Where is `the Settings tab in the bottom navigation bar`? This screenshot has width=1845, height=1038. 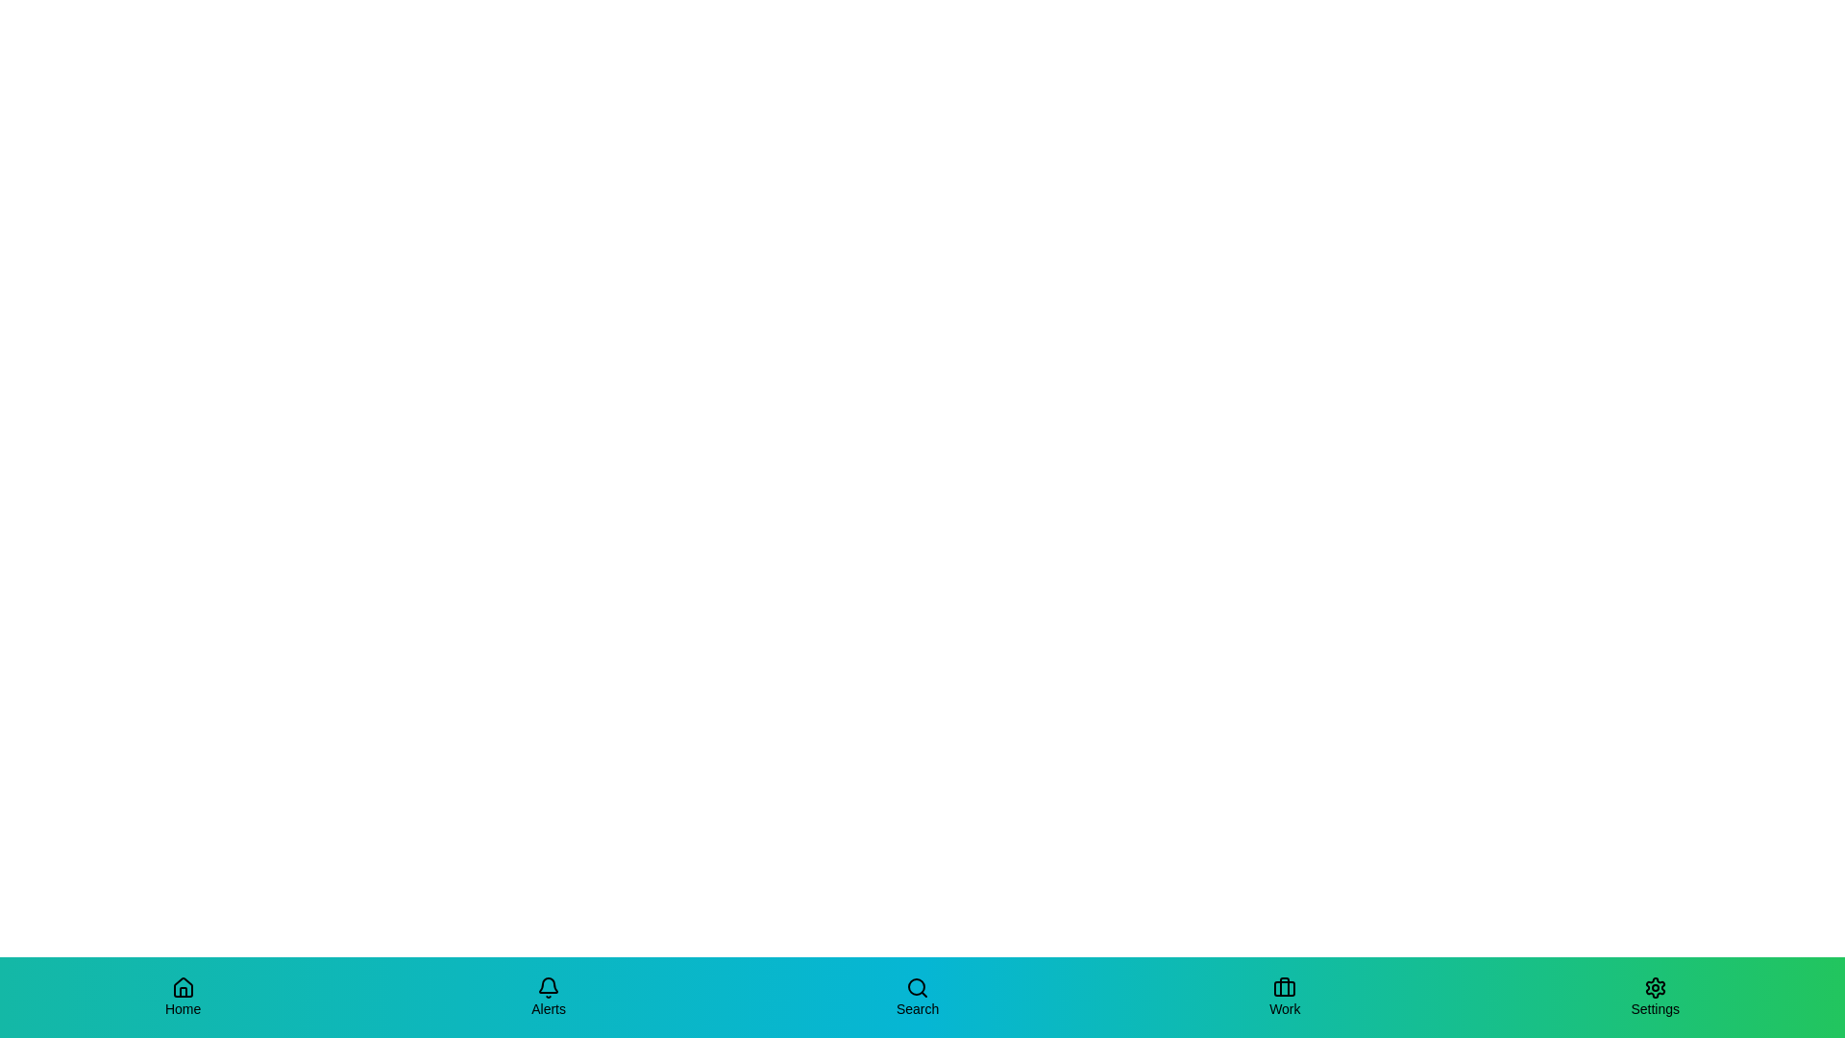 the Settings tab in the bottom navigation bar is located at coordinates (1654, 996).